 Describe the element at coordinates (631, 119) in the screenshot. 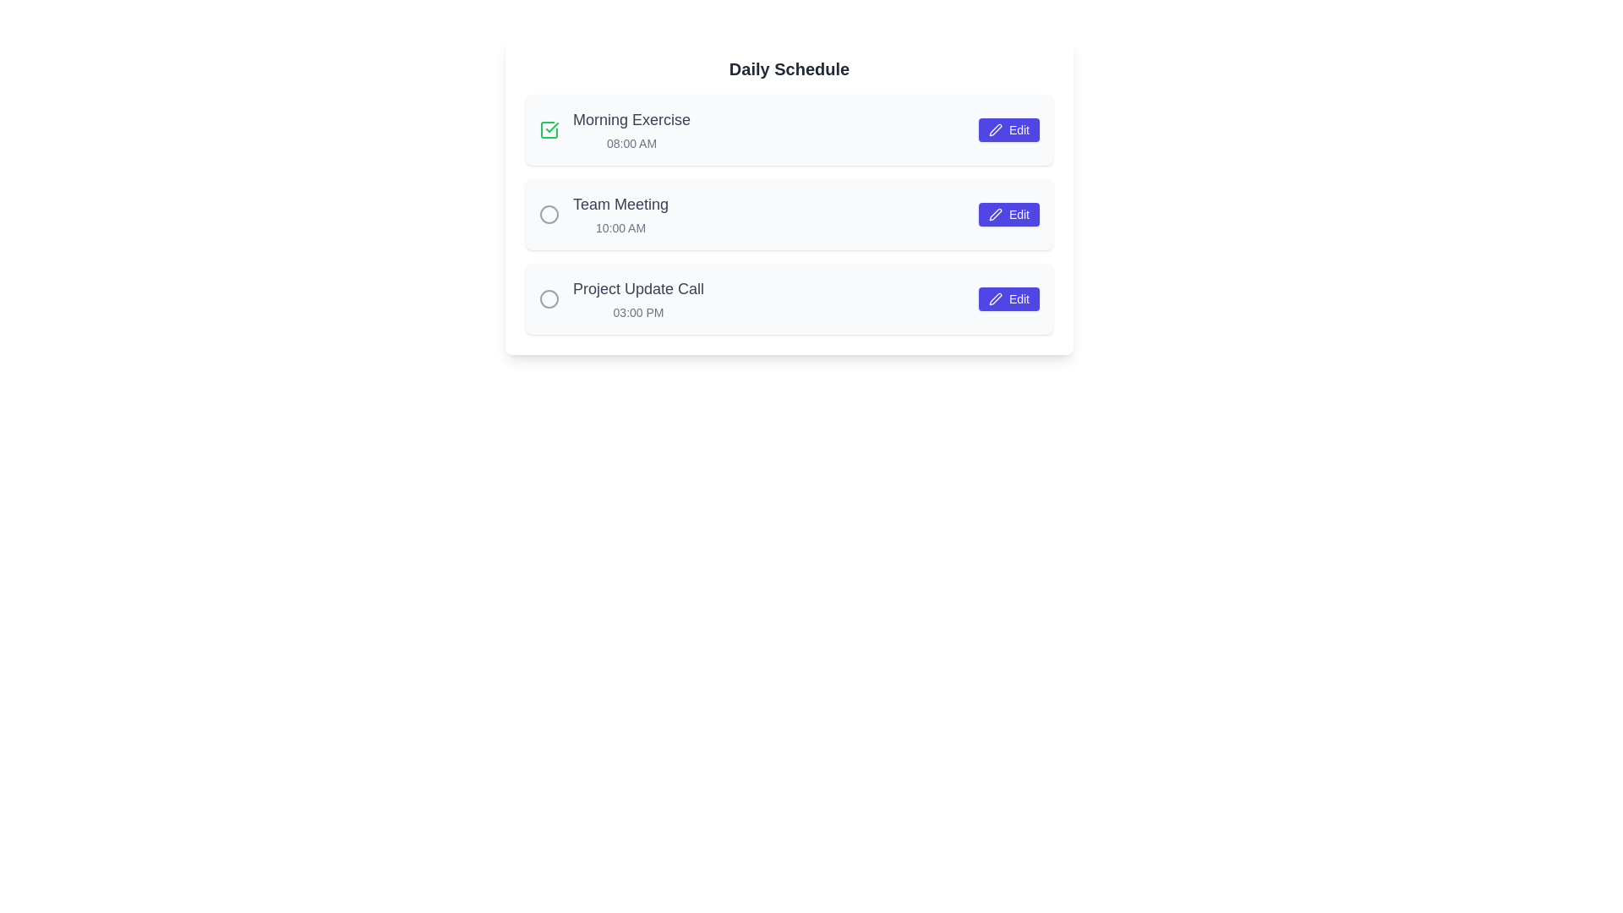

I see `the title text of the first event in the 'Daily Schedule' list` at that location.